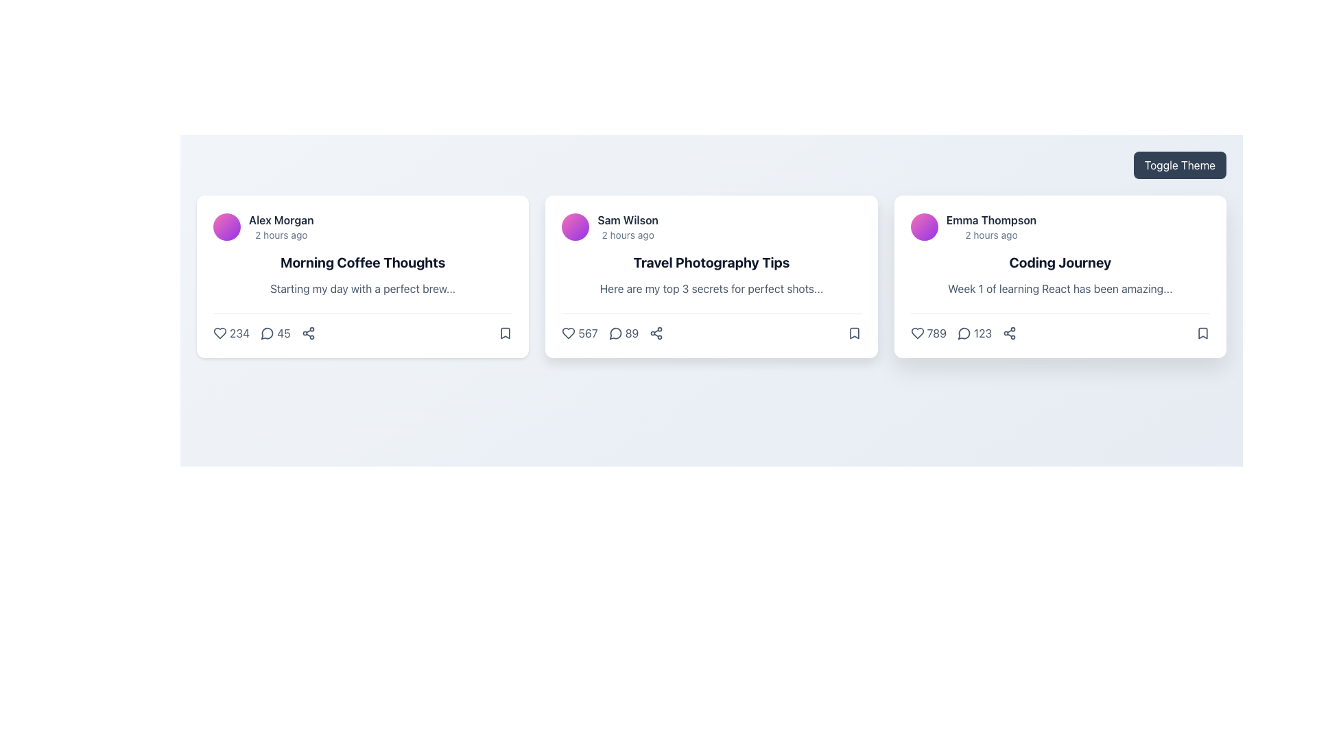  I want to click on the numerical label displaying the text '45', styled in a medium-sized sans-serif font, located to the right of the comment icon in the interaction panel of the post card titled 'Morning Coffee Thoughts' by 'Alex Morgan', so click(283, 333).